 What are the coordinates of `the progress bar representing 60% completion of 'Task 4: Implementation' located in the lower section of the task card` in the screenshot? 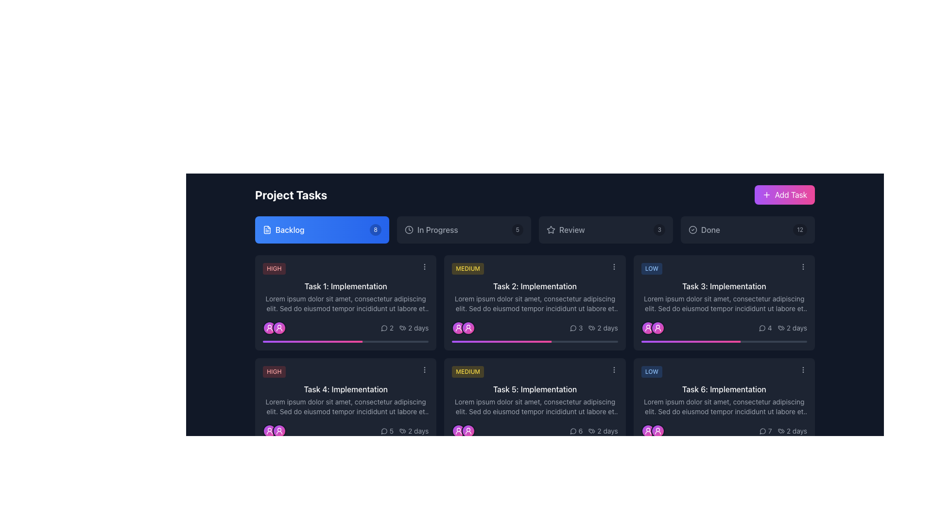 It's located at (346, 444).